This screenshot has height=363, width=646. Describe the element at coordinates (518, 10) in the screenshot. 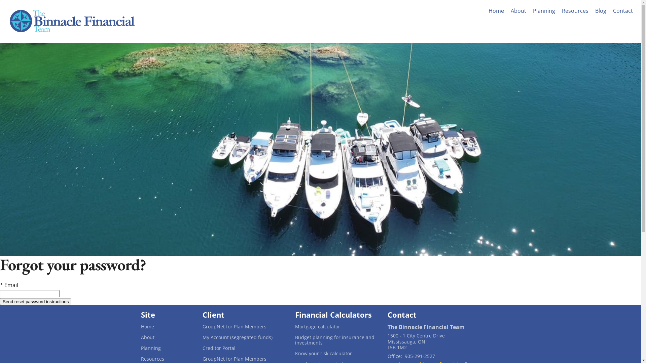

I see `'About'` at that location.